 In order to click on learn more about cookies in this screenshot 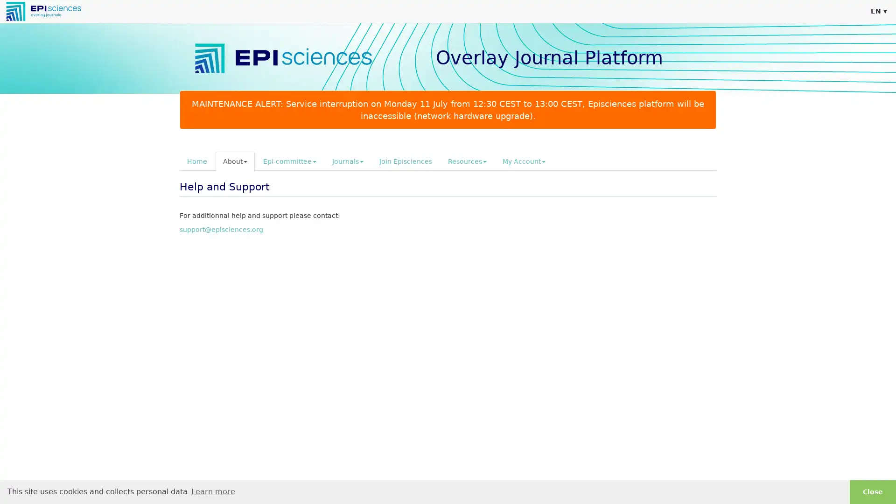, I will do `click(212, 491)`.